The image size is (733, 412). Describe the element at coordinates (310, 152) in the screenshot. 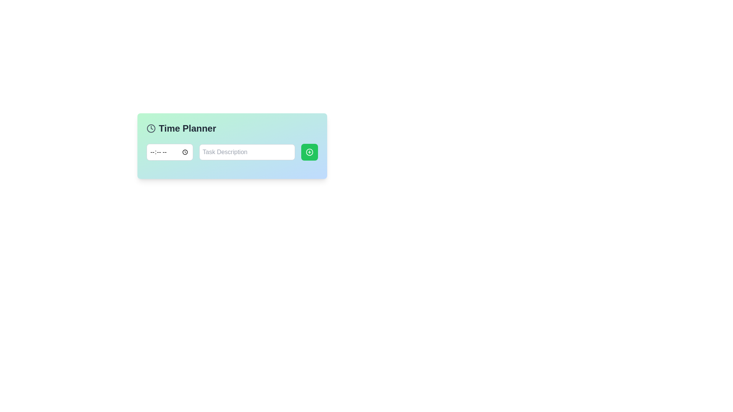

I see `the SVG circle component, which is a circular outline part of a green button with a white plus sign, located at the right-hand side of the 'Time Planner' widget` at that location.